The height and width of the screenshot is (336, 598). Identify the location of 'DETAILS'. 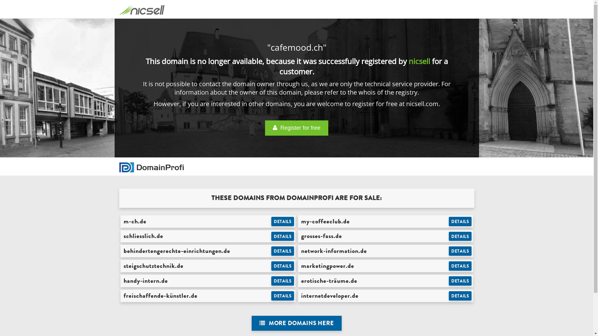
(282, 221).